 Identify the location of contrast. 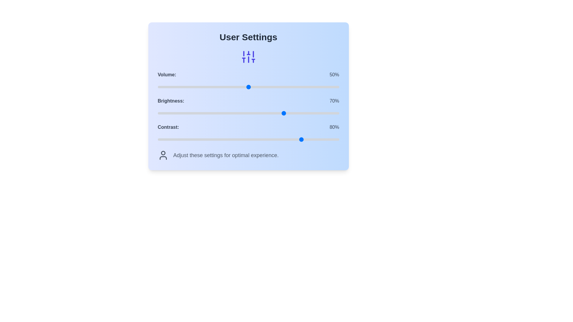
(283, 139).